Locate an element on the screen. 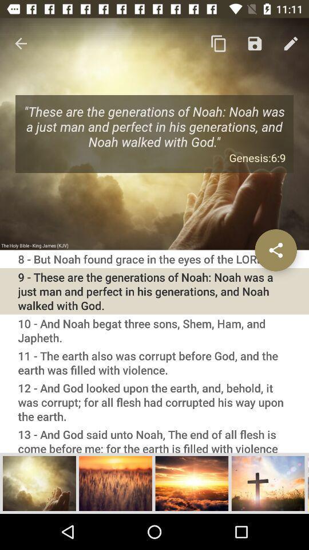 This screenshot has height=550, width=309. the share icon is located at coordinates (275, 250).